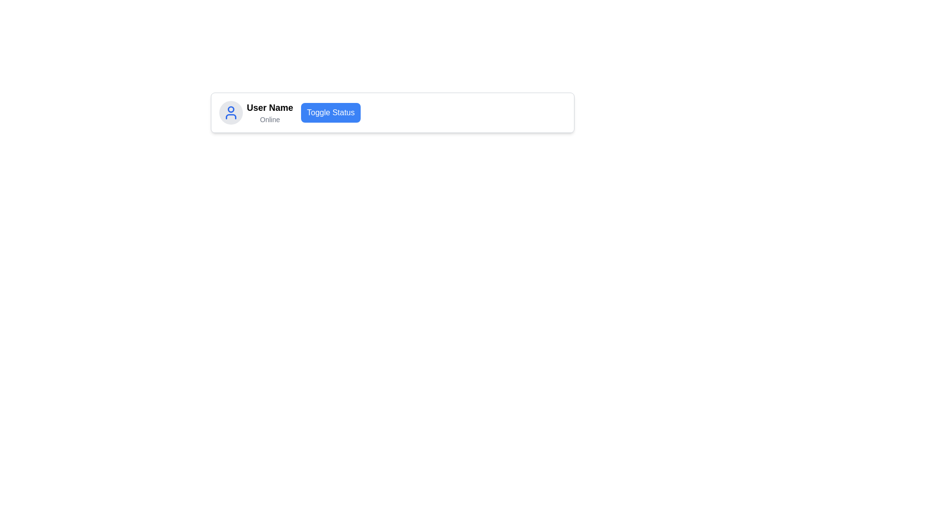  What do you see at coordinates (231, 109) in the screenshot?
I see `the blue user icon circular shape with a white fill, which is part of the user profile representation located above the textual content 'User Name' and 'Online.'` at bounding box center [231, 109].